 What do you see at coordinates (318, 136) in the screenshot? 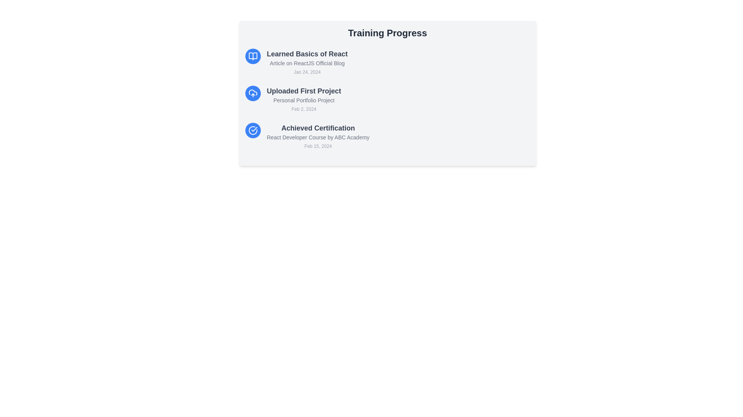
I see `the static information display that provides details about a certification, located as the third item in the 'Training Progress' card, below 'Learned Basics of React' and 'Uploaded First Project'` at bounding box center [318, 136].